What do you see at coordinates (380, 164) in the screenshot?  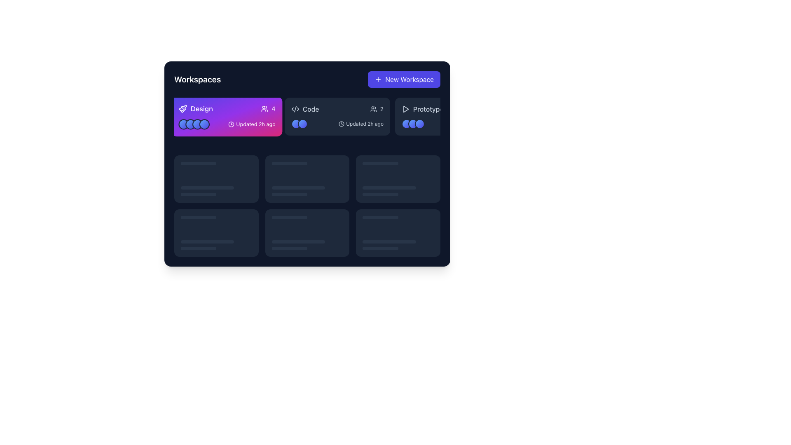 I see `the Loading placeholder bar, which is the first item in the second row of a grid layout, indicating a loading state for content` at bounding box center [380, 164].